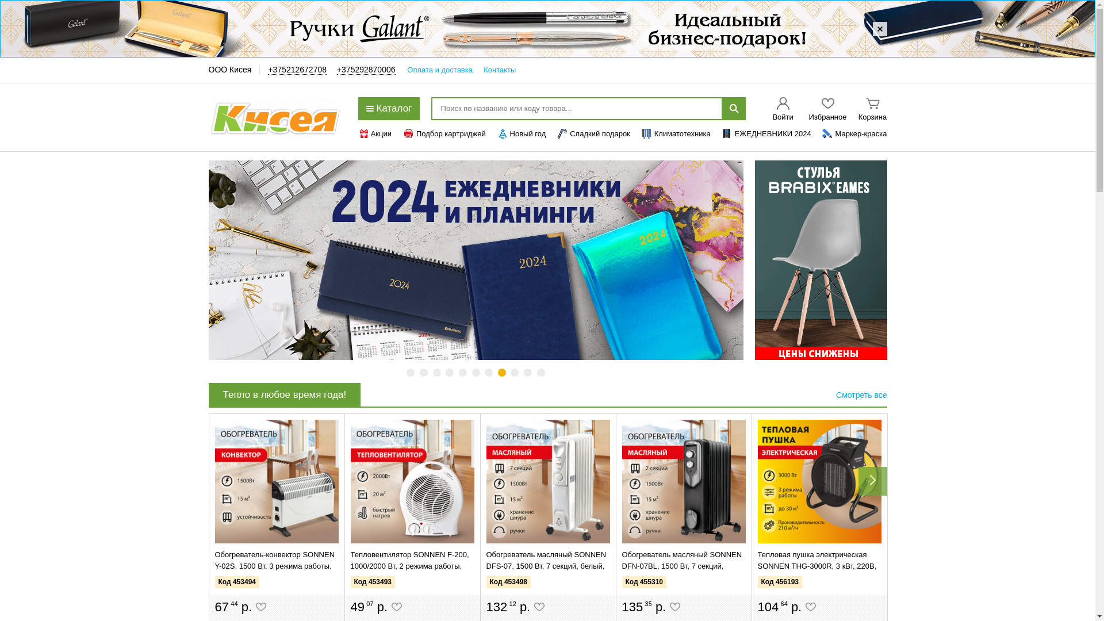 This screenshot has height=621, width=1104. Describe the element at coordinates (336, 70) in the screenshot. I see `'+375292870006'` at that location.